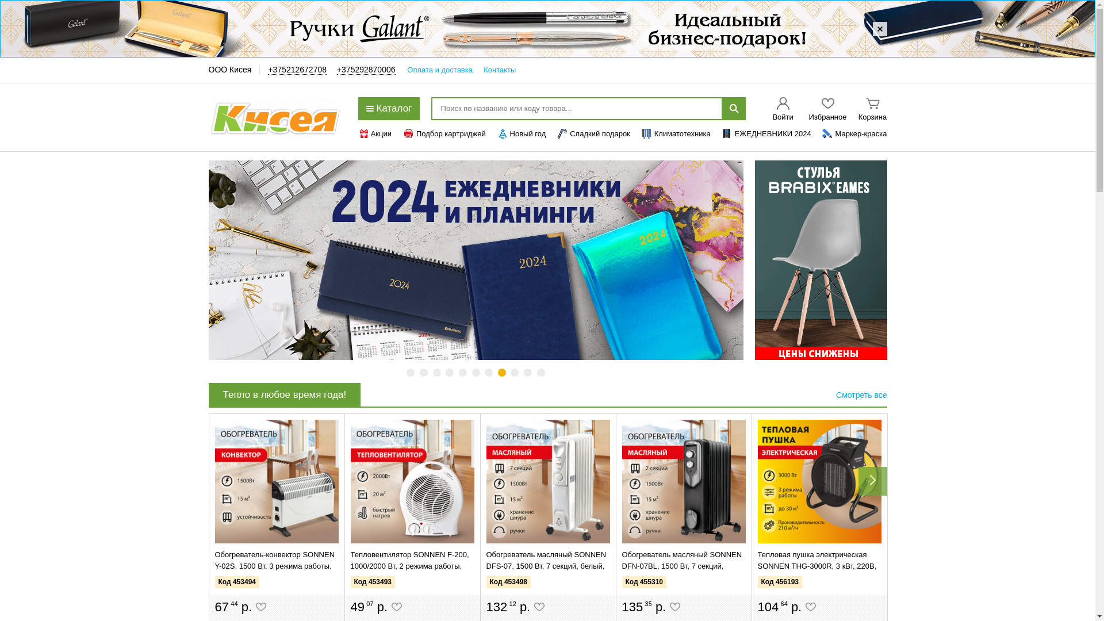 This screenshot has height=621, width=1104. Describe the element at coordinates (336, 70) in the screenshot. I see `'+375292870006'` at that location.